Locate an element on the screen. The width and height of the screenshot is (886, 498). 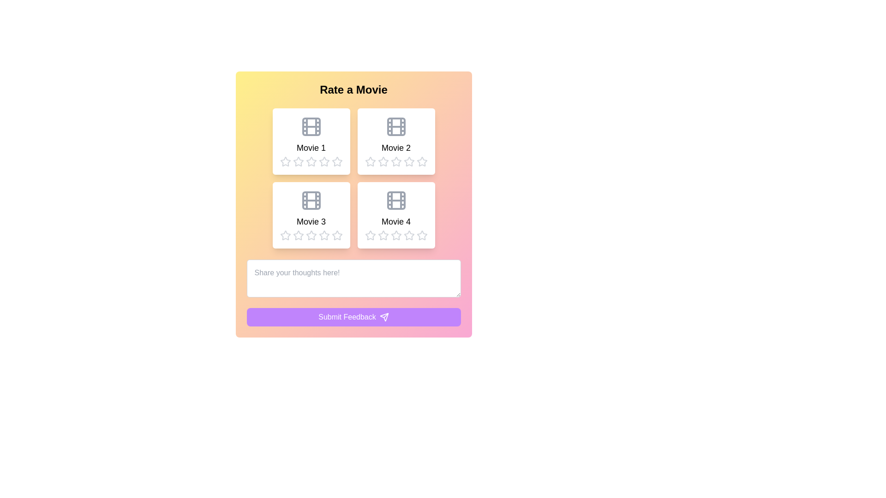
the fourth star icon in the rating system below the 'Movie 4' section to read its tooltip is located at coordinates (408, 235).